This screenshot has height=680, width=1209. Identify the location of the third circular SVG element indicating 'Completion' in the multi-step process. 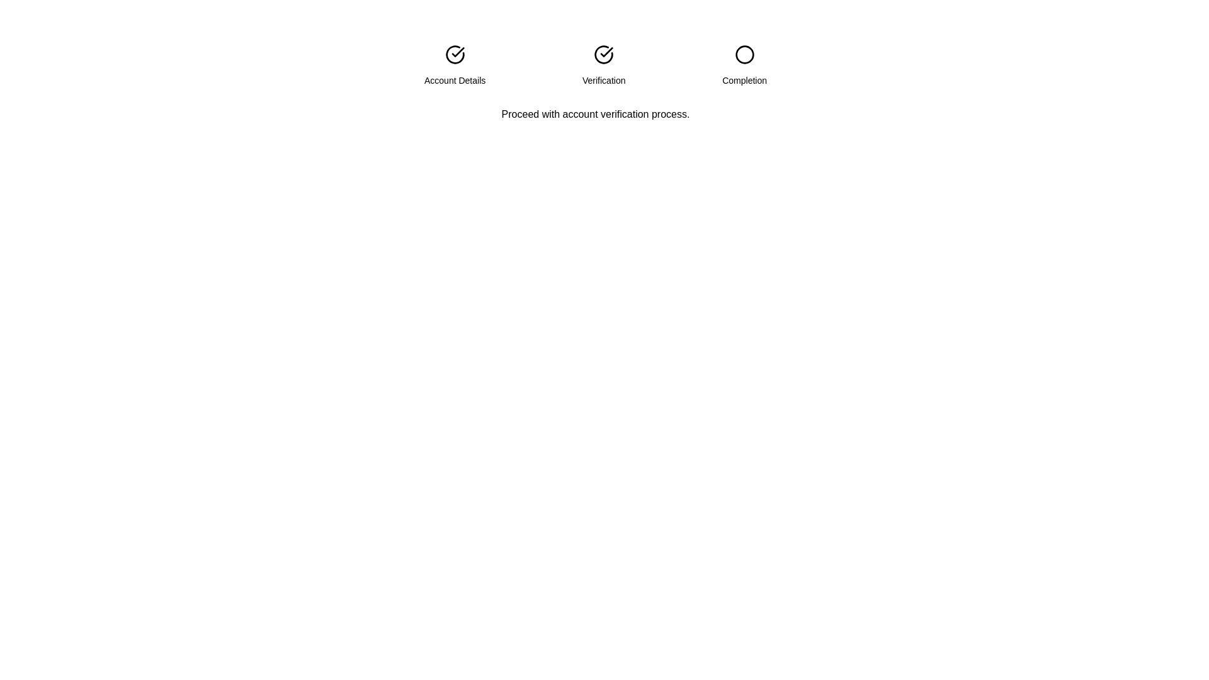
(744, 54).